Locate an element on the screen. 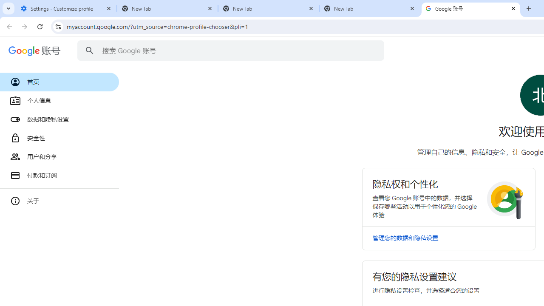  'Close' is located at coordinates (513, 8).